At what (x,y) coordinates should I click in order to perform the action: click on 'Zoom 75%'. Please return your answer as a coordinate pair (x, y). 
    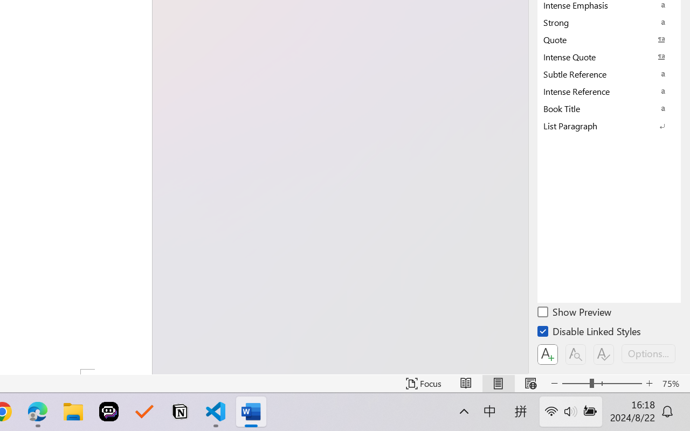
    Looking at the image, I should click on (673, 383).